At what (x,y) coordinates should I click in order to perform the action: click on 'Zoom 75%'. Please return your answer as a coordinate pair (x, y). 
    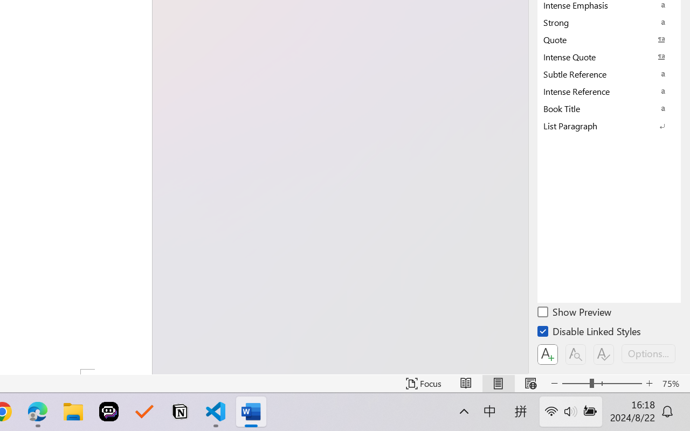
    Looking at the image, I should click on (673, 383).